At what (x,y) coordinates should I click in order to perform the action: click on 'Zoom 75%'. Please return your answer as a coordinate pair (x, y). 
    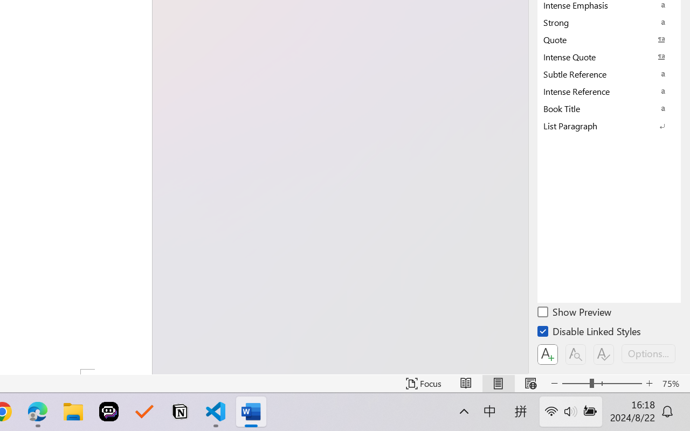
    Looking at the image, I should click on (673, 383).